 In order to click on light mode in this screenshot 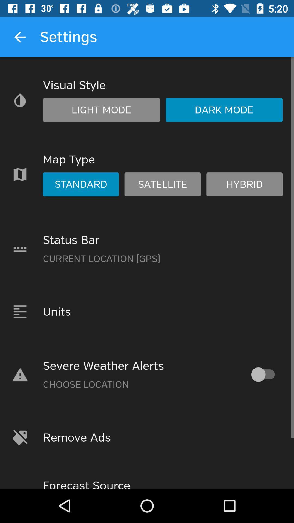, I will do `click(101, 110)`.